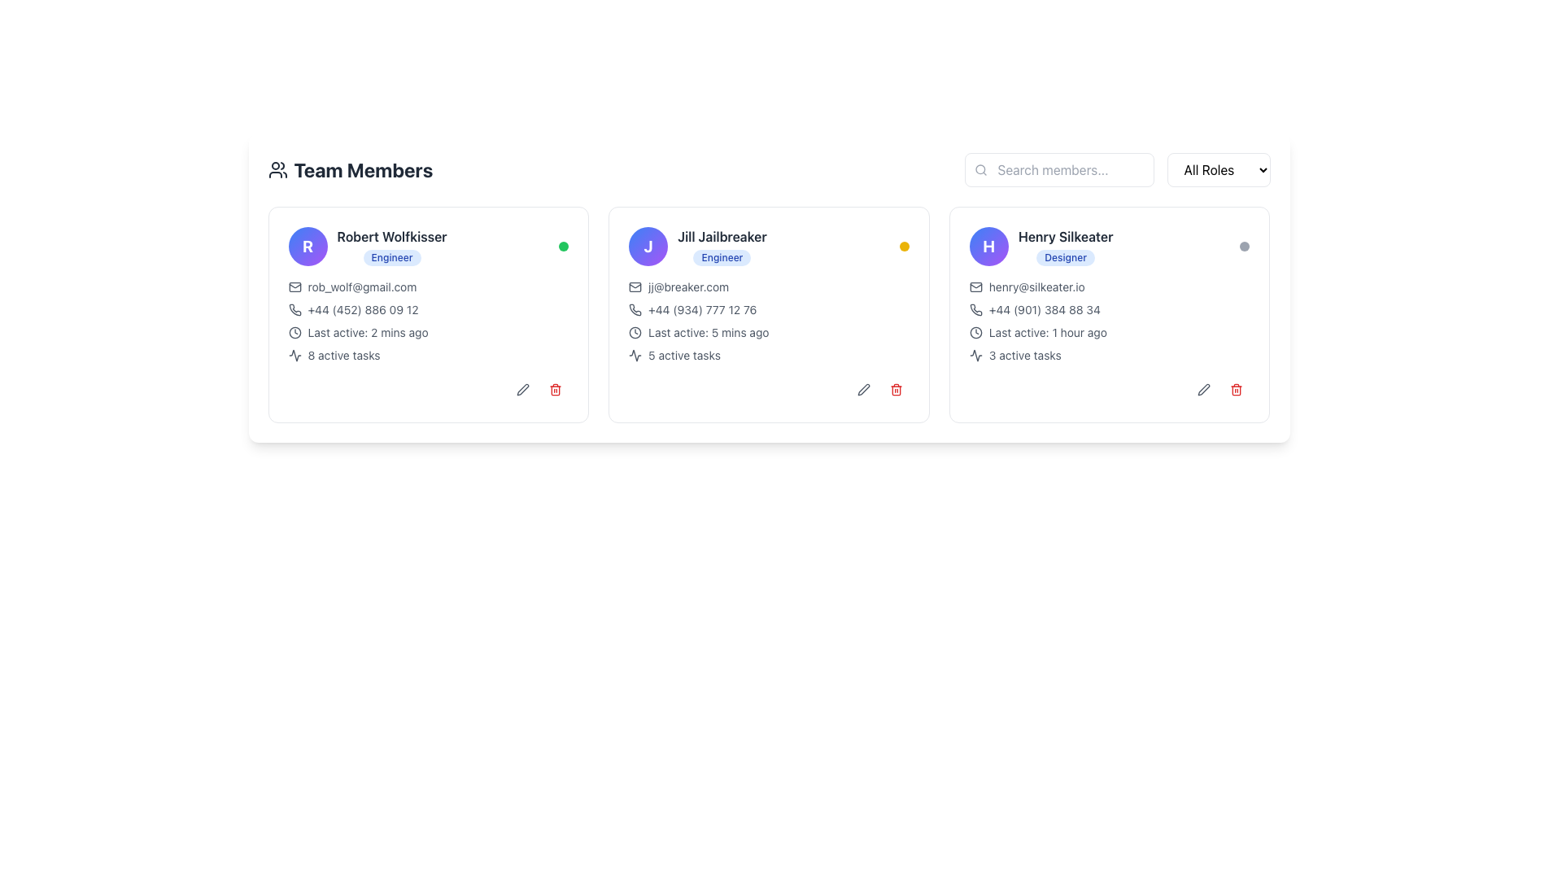 The width and height of the screenshot is (1562, 879). I want to click on the section title label that informs users about the content below, located at the upper left side of the interface, so click(349, 169).